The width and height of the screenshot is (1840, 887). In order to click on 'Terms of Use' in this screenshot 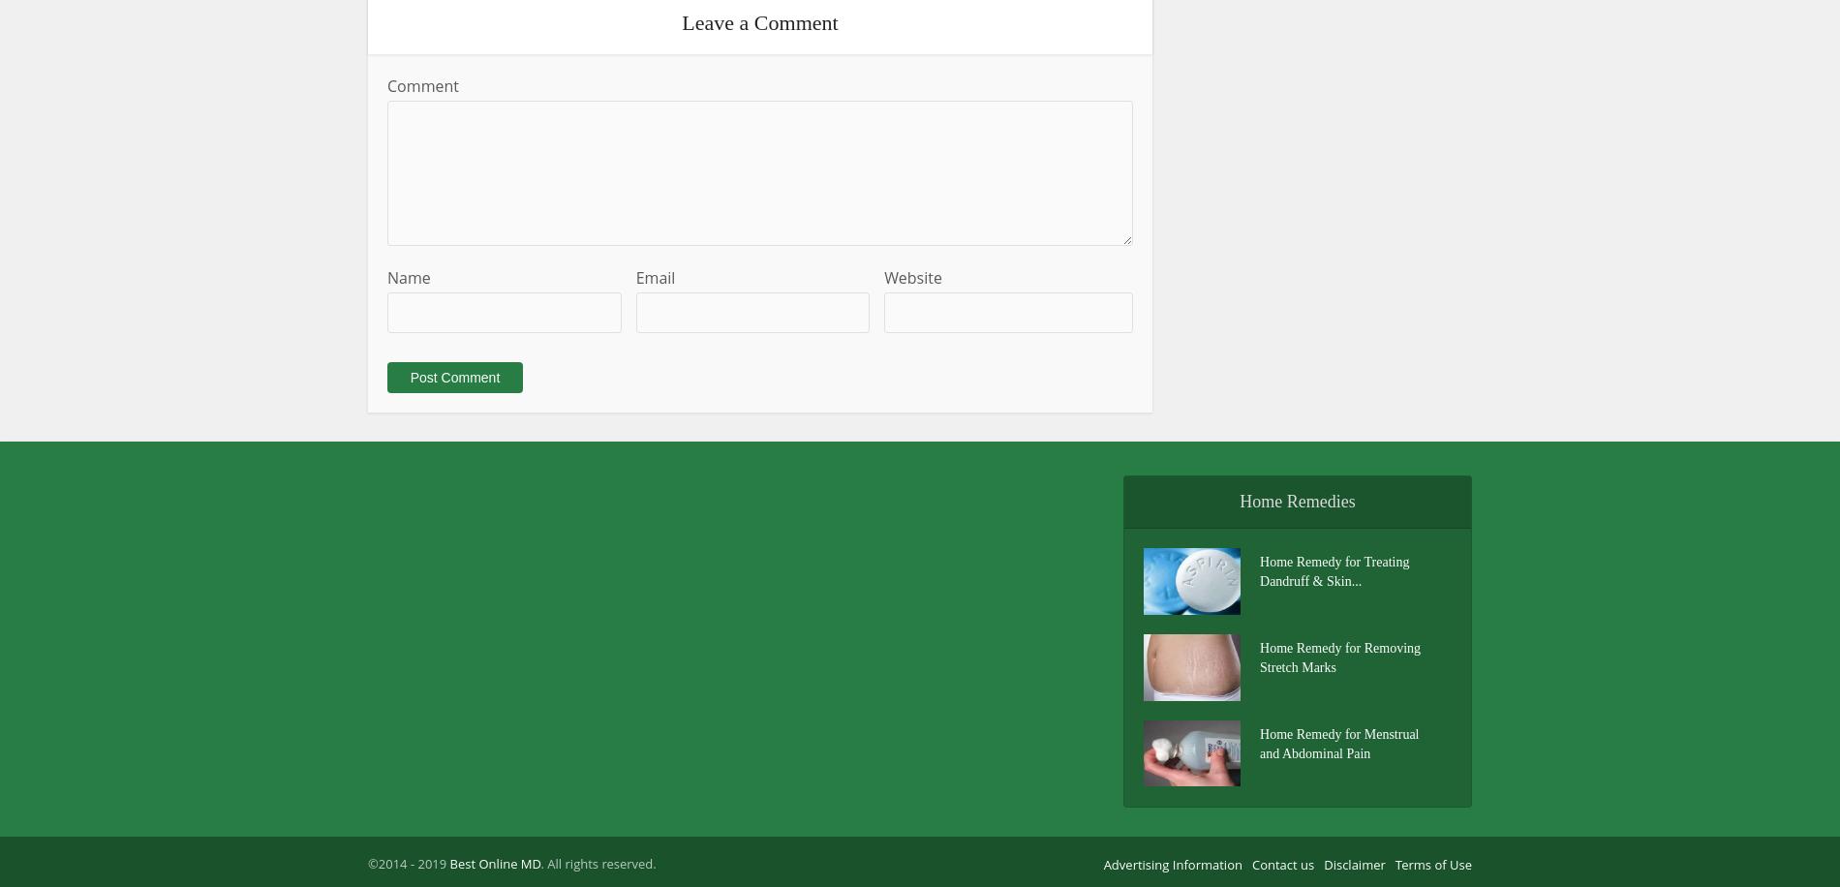, I will do `click(1432, 864)`.